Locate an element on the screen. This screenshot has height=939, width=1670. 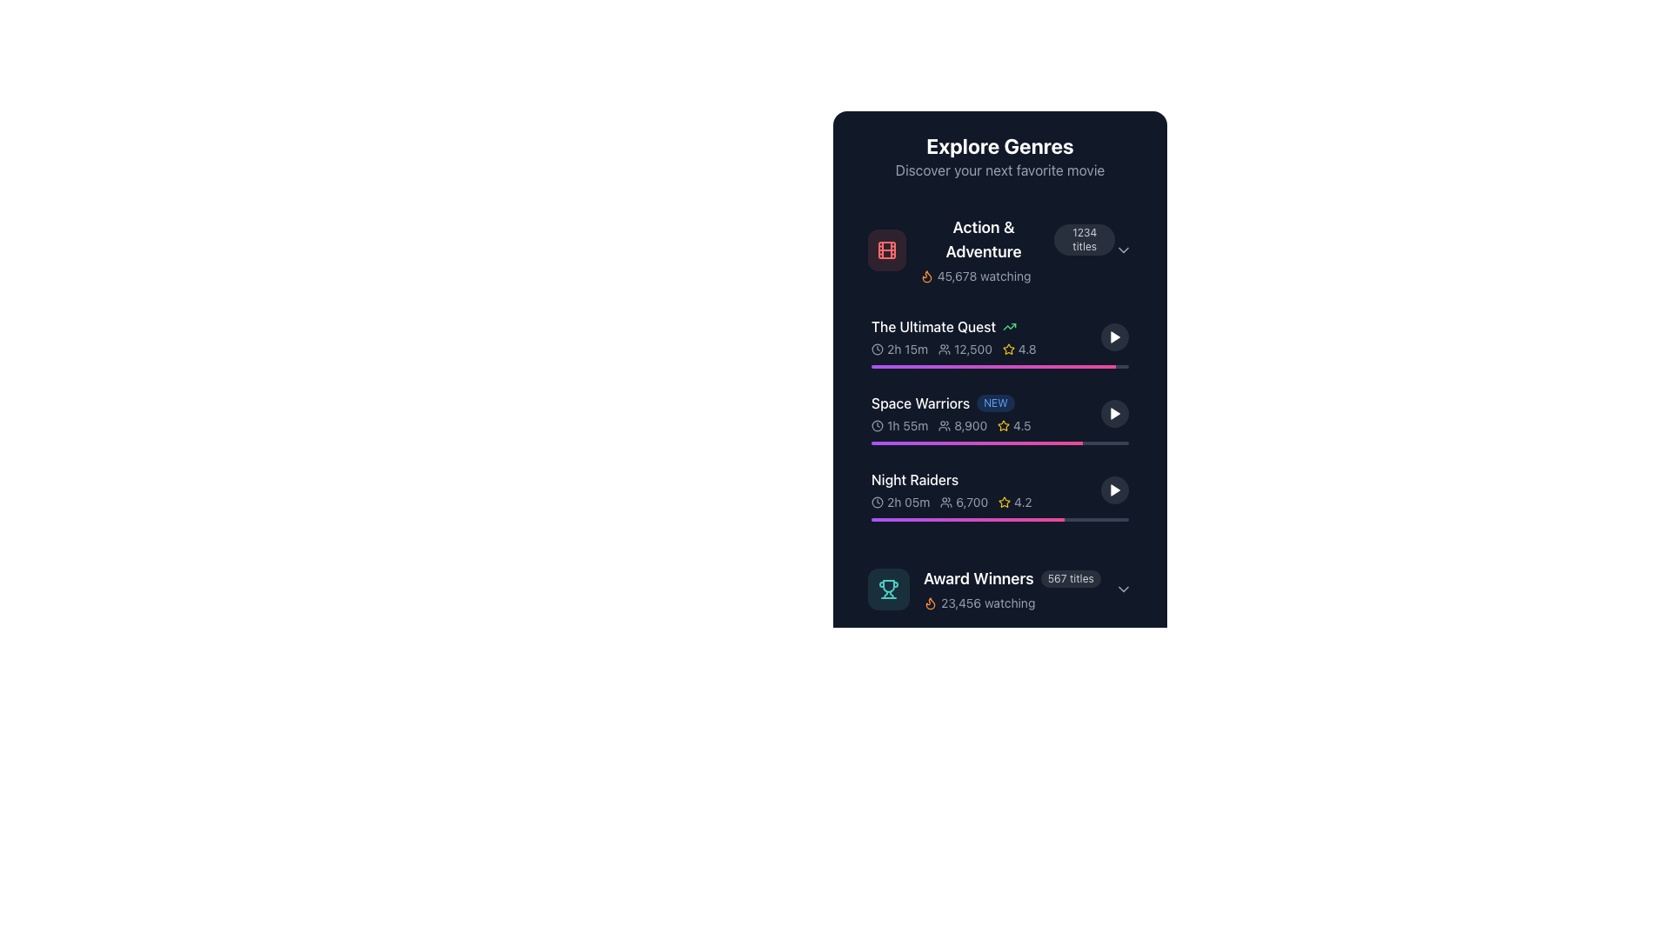
the text label that serves as the title of a movie or series in the 'Explore Genres' section, specifically the third entry in the list of movie titles under 'Action & Adventure' is located at coordinates (919, 403).